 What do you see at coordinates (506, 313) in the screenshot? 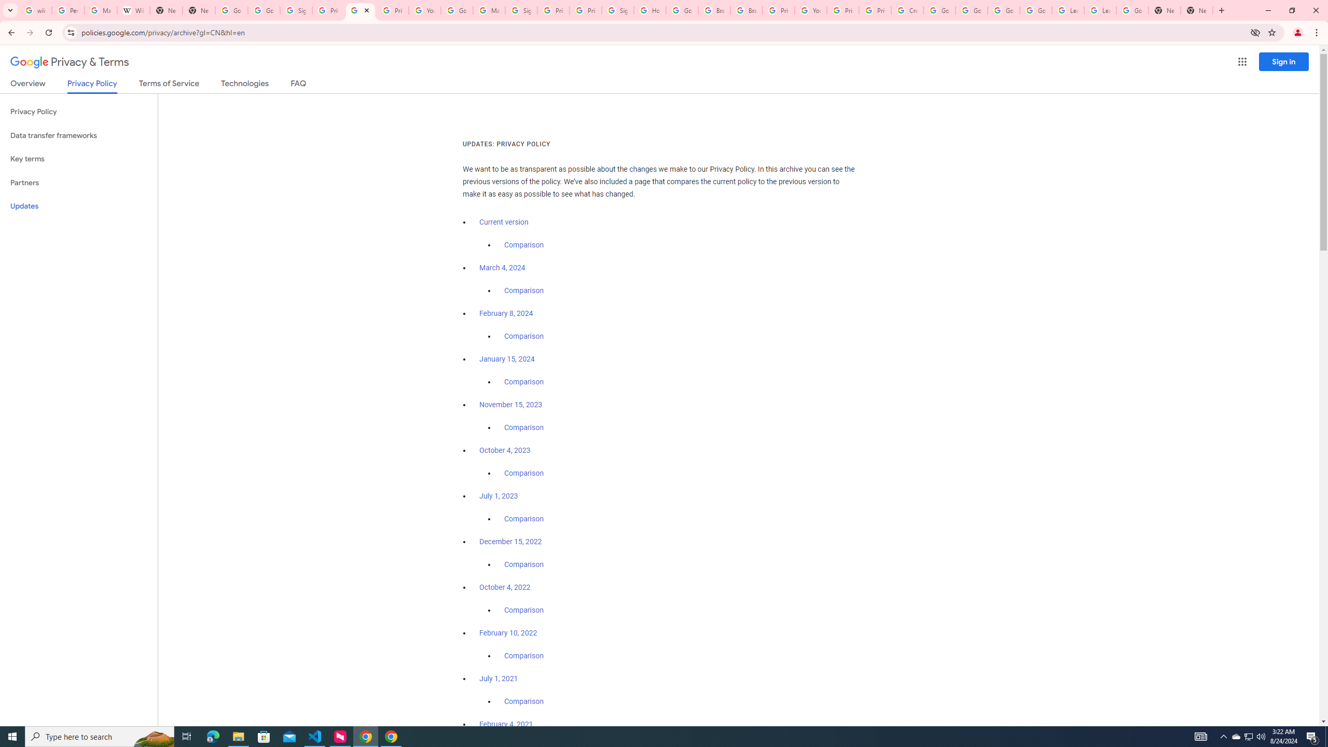
I see `'February 8, 2024'` at bounding box center [506, 313].